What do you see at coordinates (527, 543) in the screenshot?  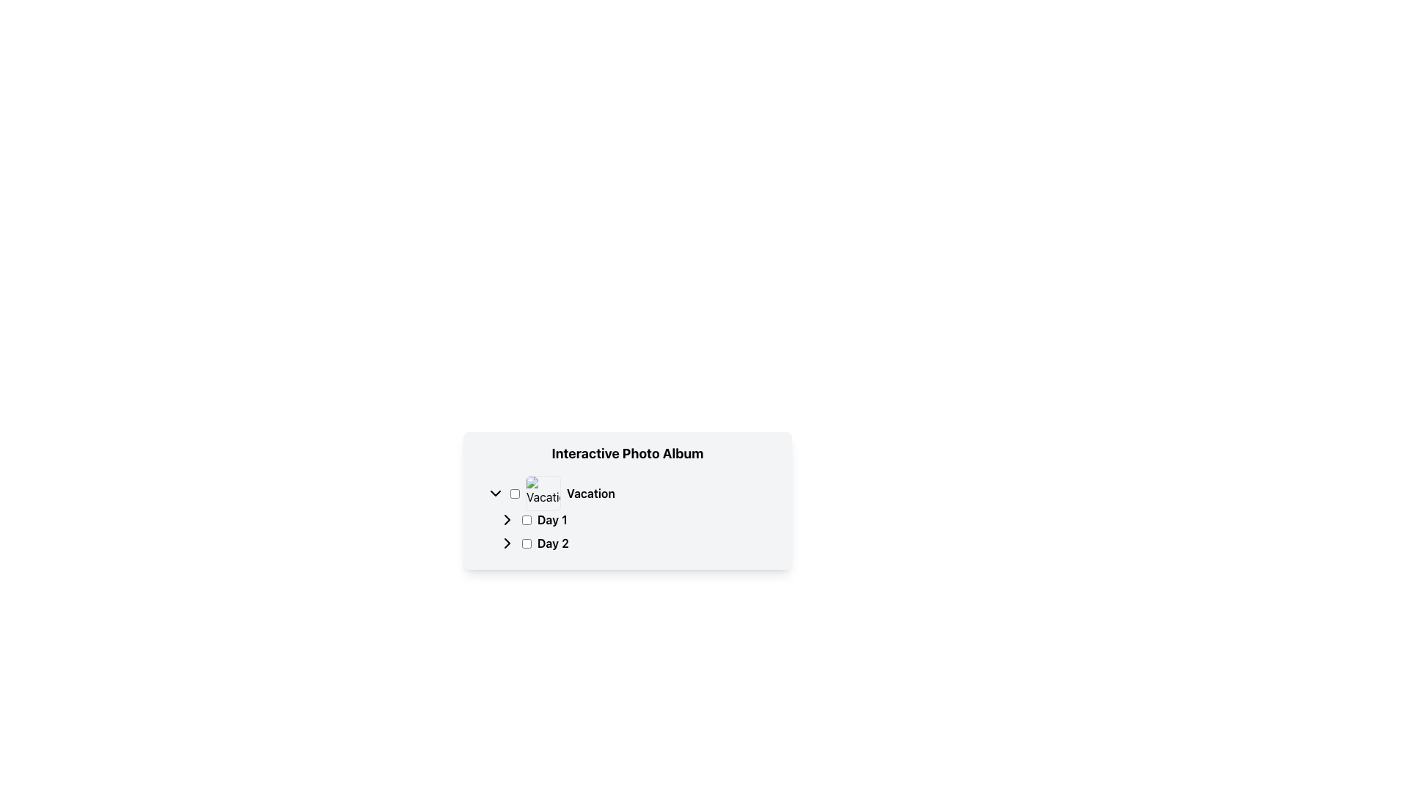 I see `the small square checkbox adjacent to the label 'Day 2'` at bounding box center [527, 543].